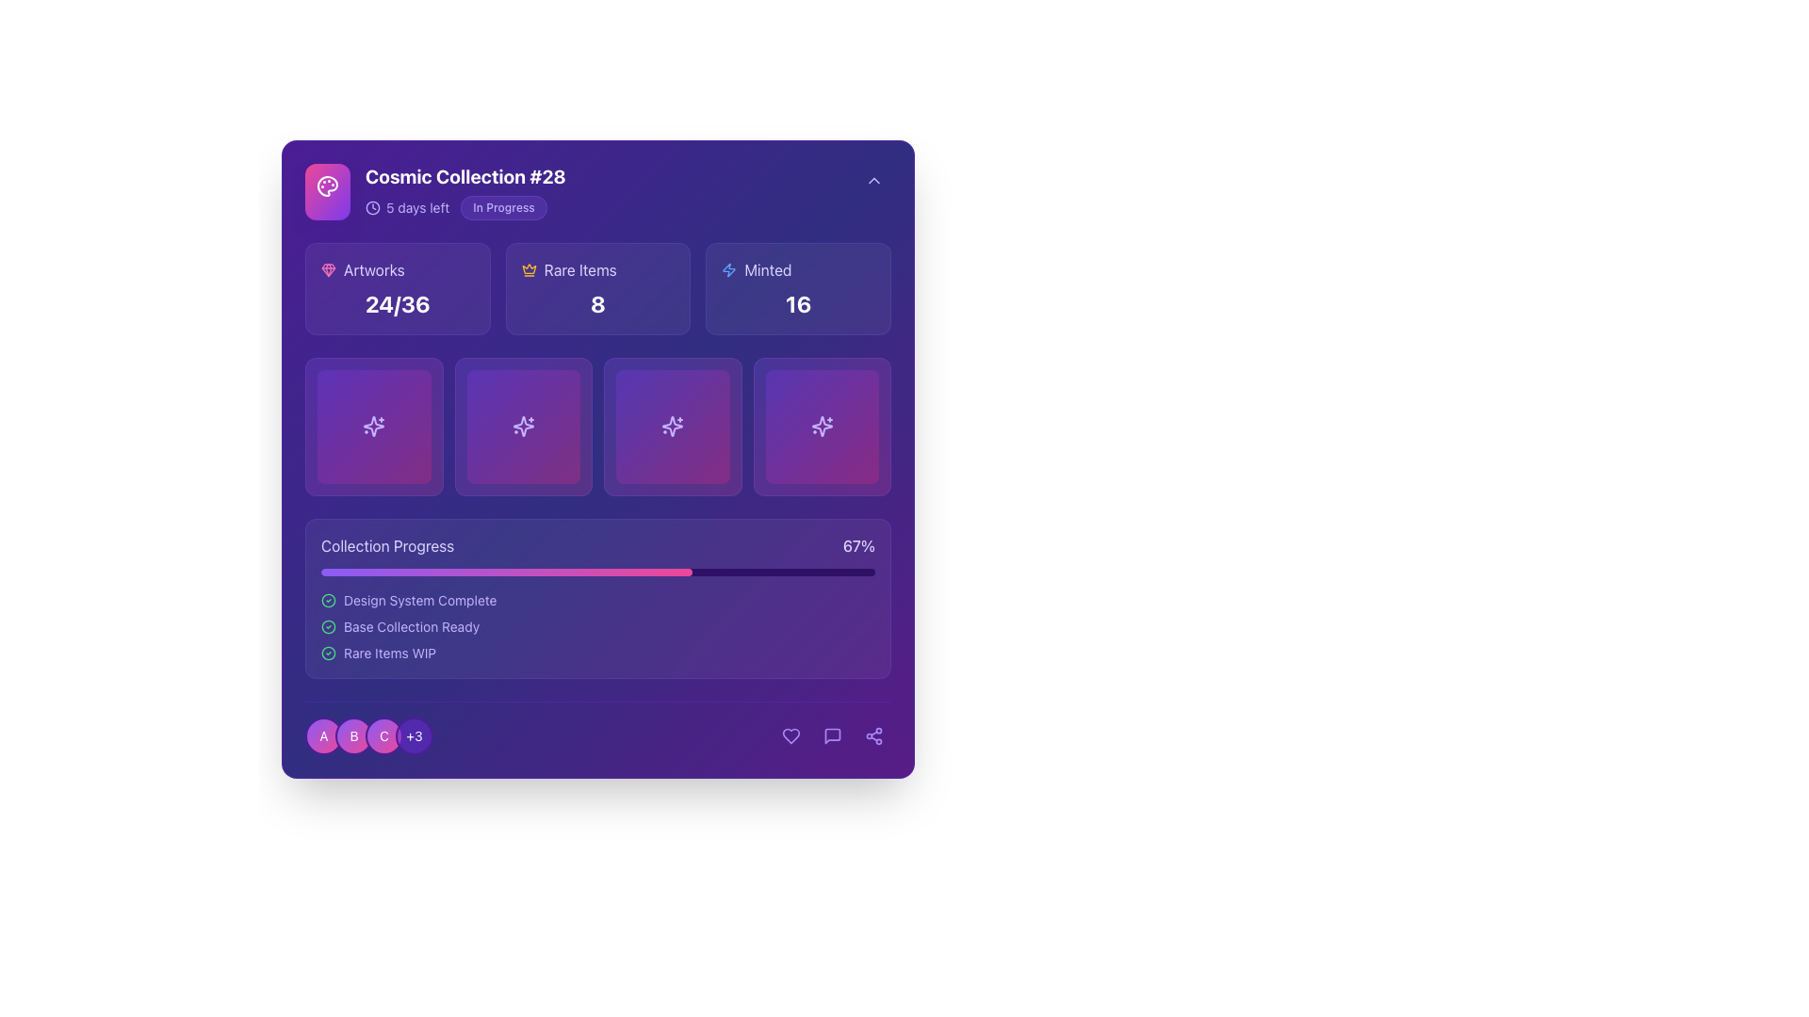 This screenshot has width=1809, height=1017. What do you see at coordinates (791, 734) in the screenshot?
I see `the heart icon located in the bottom-right corner of the interface` at bounding box center [791, 734].